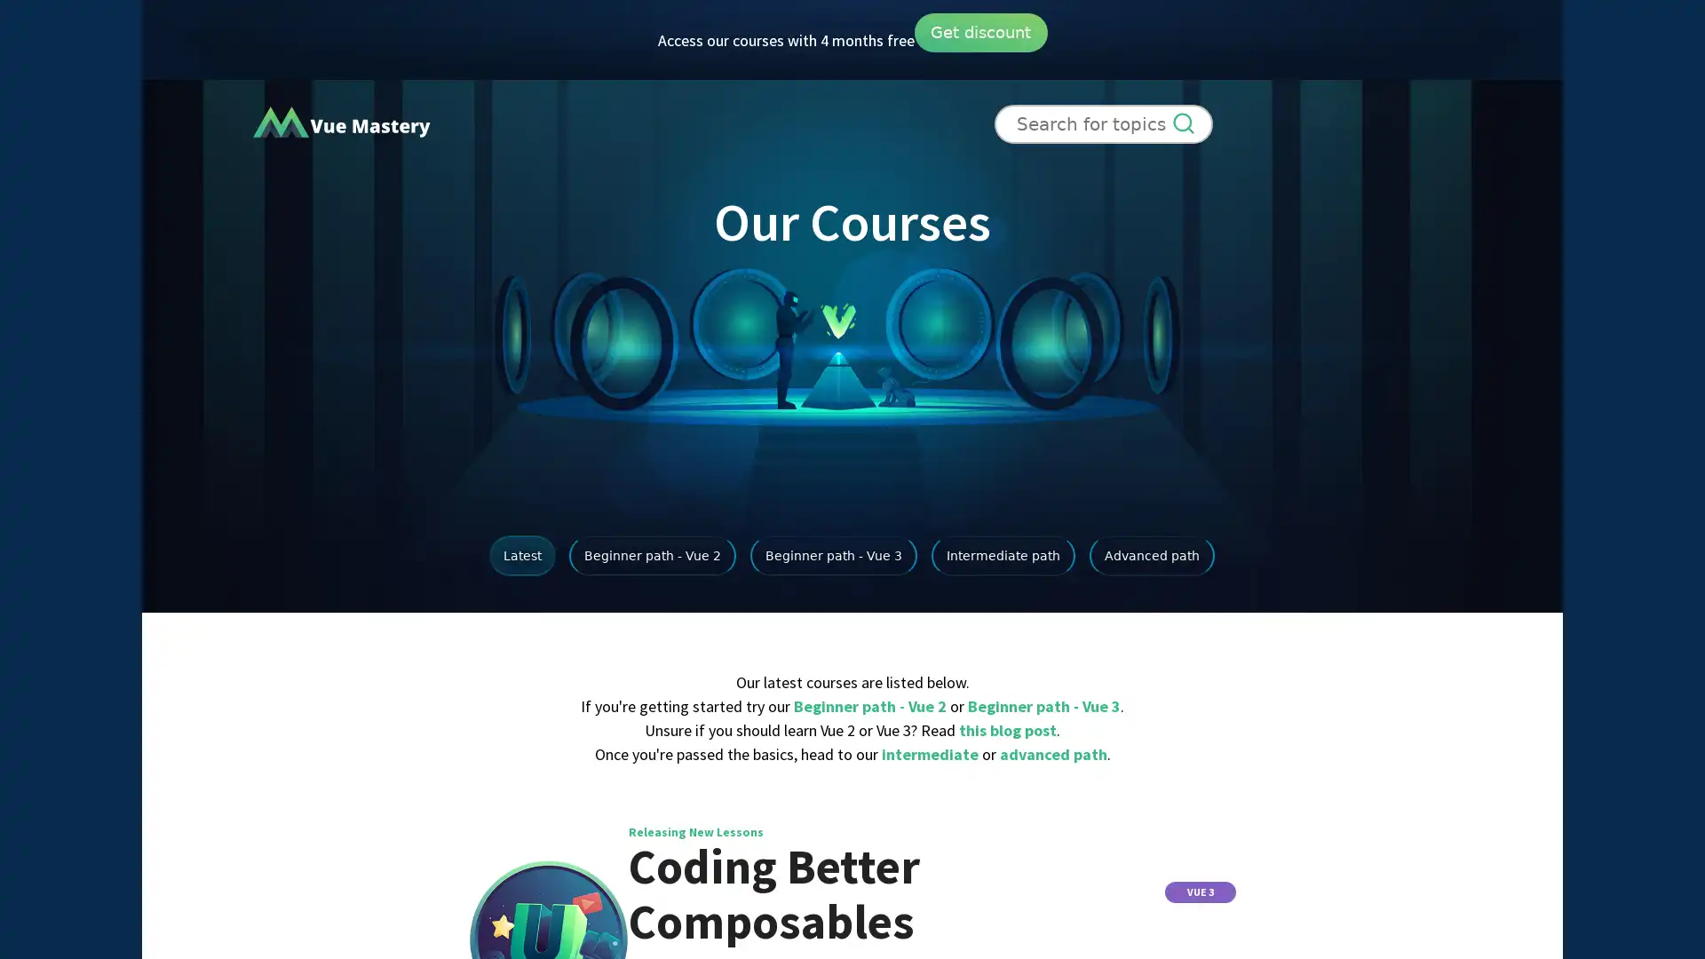  What do you see at coordinates (1260, 554) in the screenshot?
I see `Advanced path` at bounding box center [1260, 554].